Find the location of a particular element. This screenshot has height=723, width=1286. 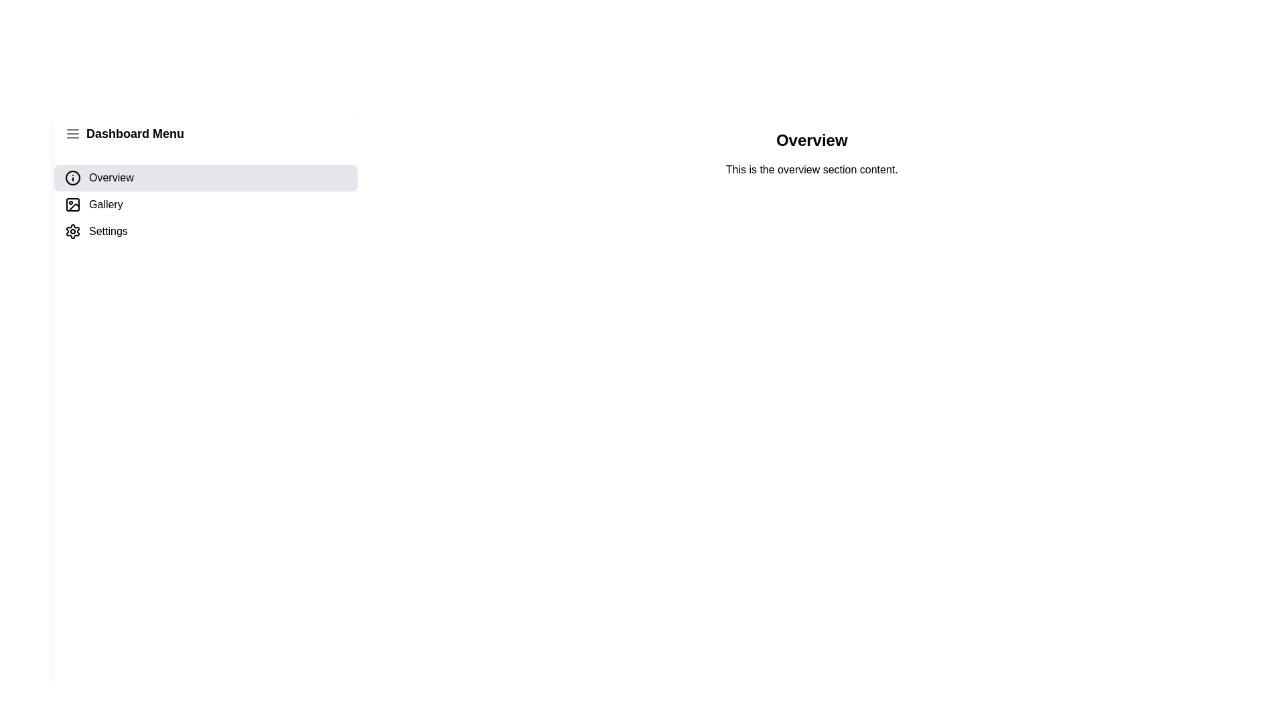

the title 'Dashboard Menu' to test navigation or focus effects is located at coordinates (135, 134).